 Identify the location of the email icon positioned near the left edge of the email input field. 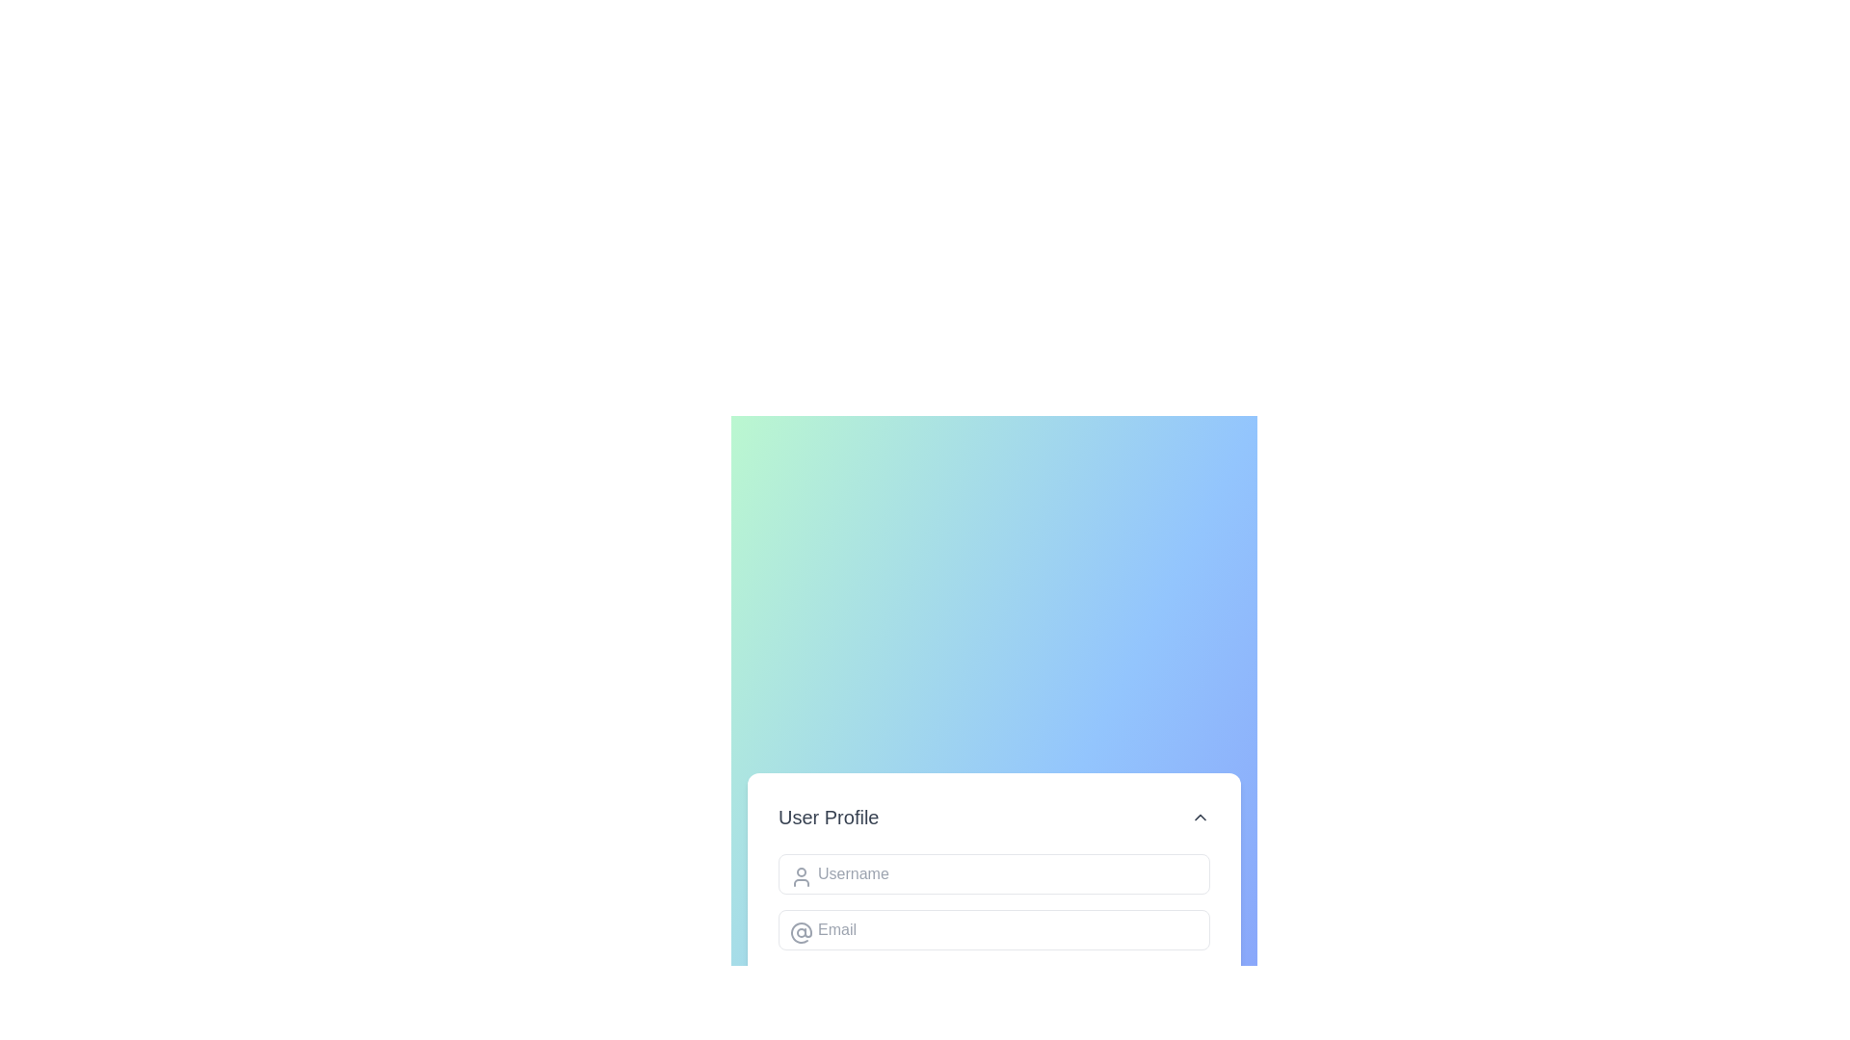
(801, 931).